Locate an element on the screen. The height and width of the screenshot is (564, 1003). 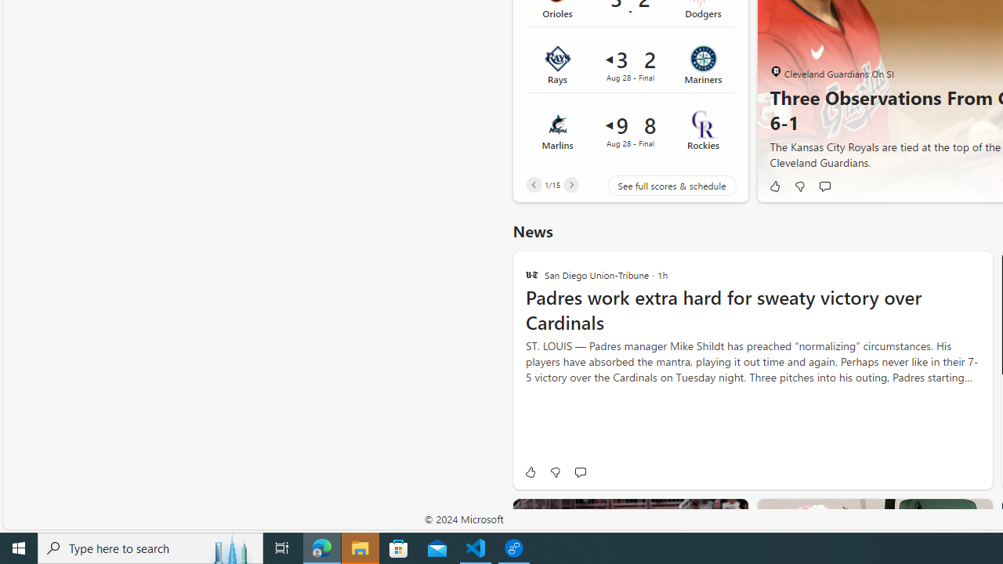
'Previous' is located at coordinates (534, 184).